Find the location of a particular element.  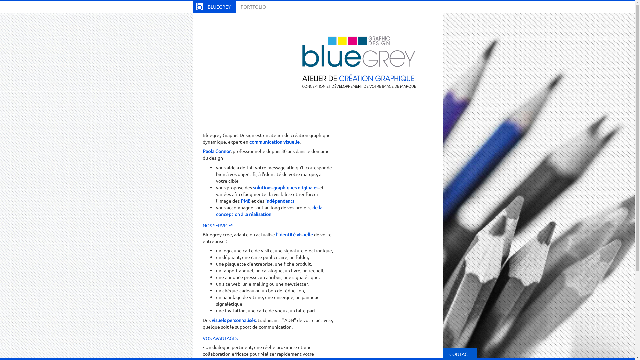

'BLUEGREY' is located at coordinates (192, 6).